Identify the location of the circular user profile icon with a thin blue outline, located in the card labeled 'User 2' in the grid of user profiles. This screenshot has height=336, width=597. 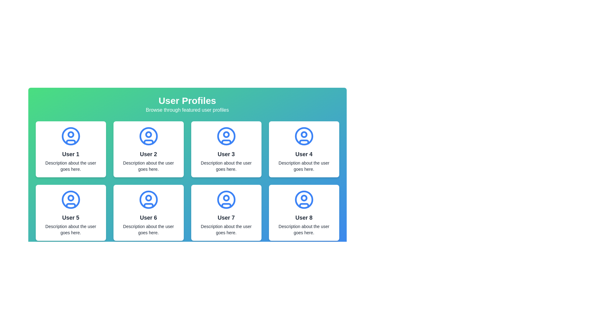
(148, 136).